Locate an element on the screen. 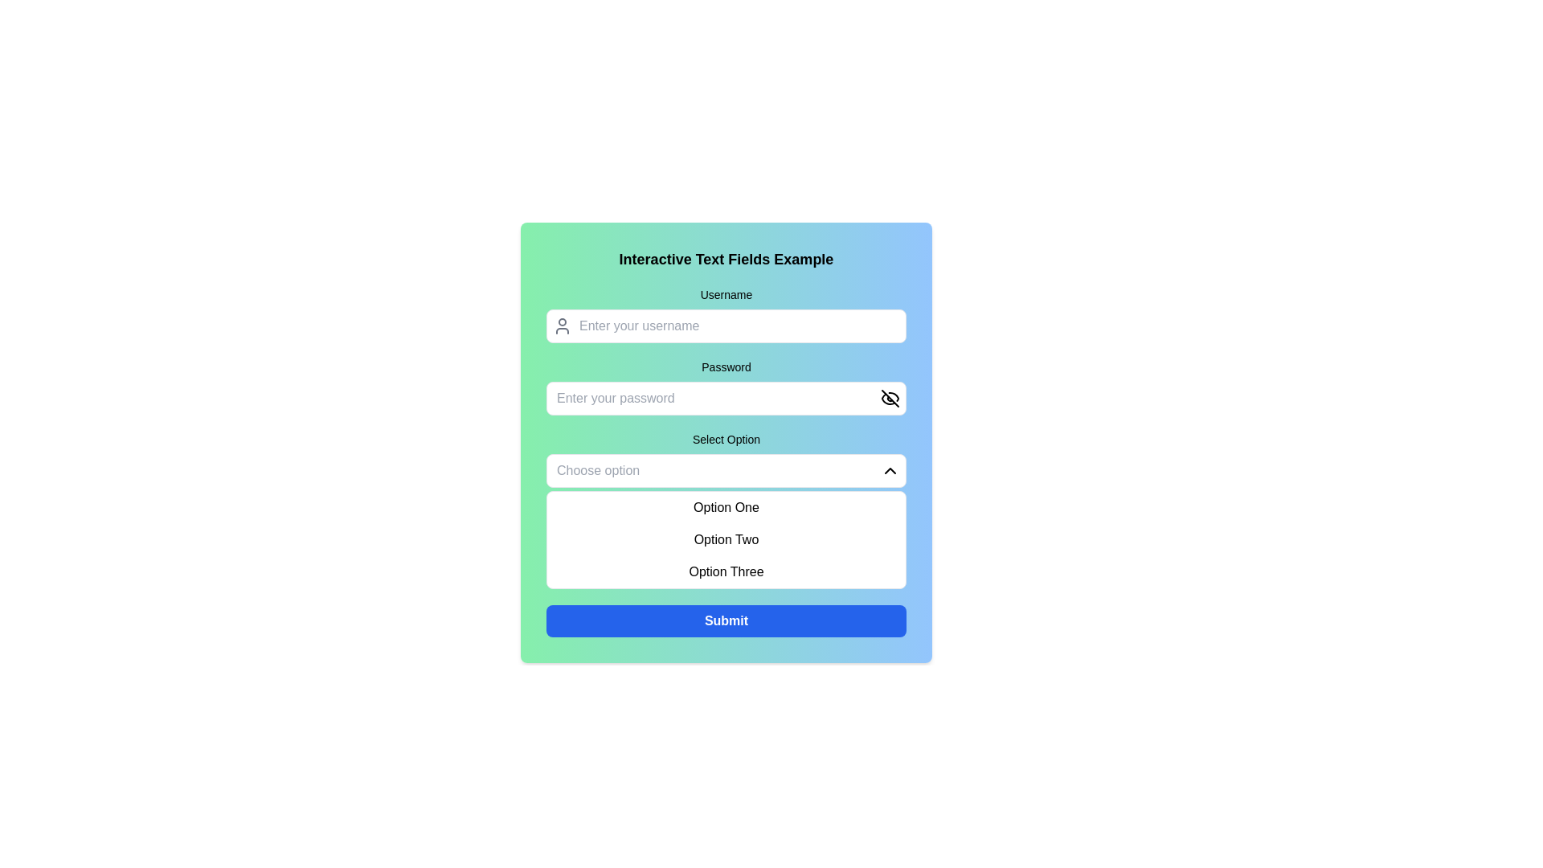  the first selectable option 'Option One' in the dropdown menu located below the 'Select Option' label is located at coordinates (725, 508).